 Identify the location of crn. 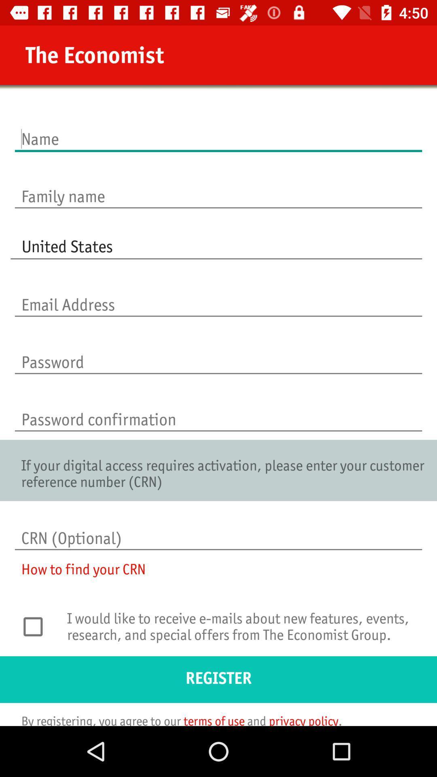
(218, 530).